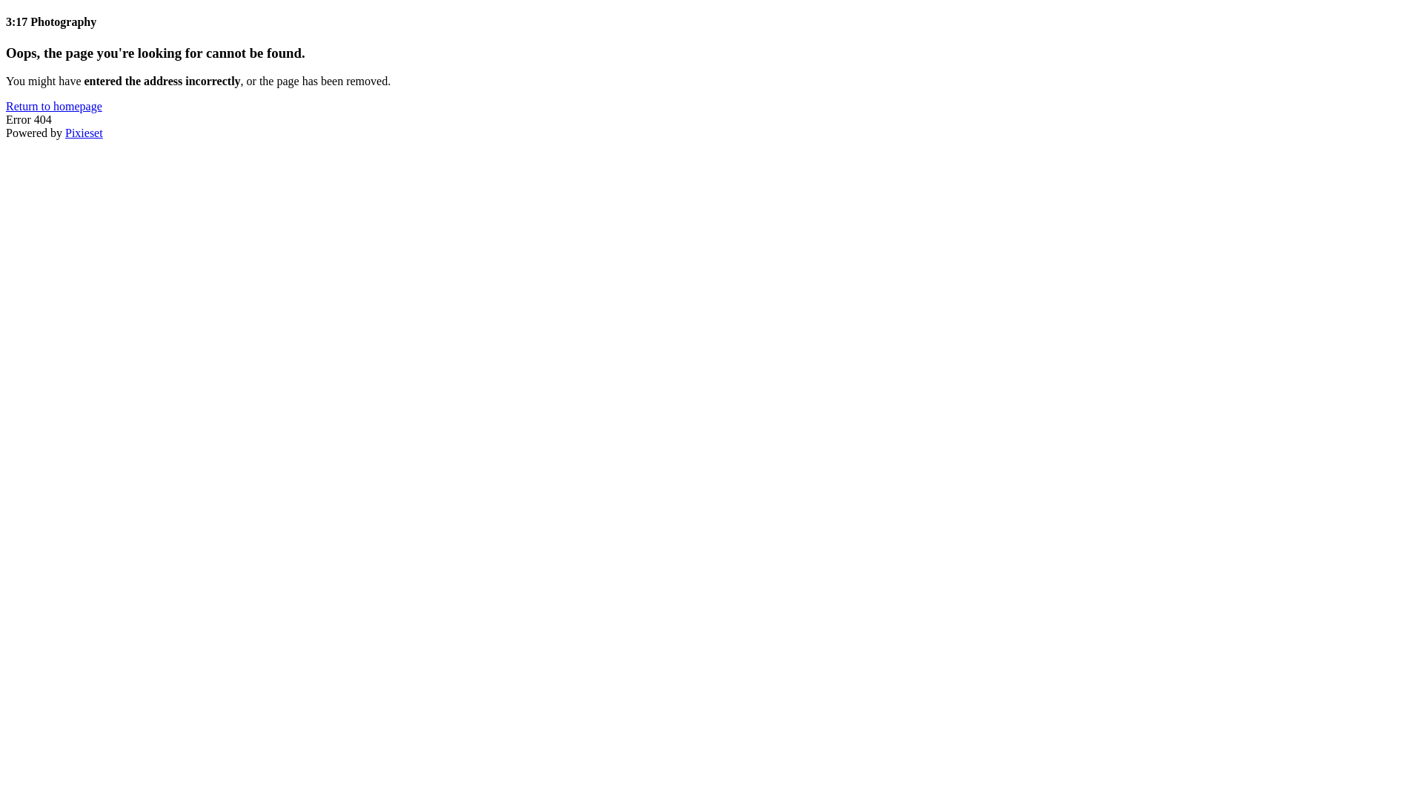 The image size is (1423, 800). What do you see at coordinates (83, 132) in the screenshot?
I see `'Pixieset'` at bounding box center [83, 132].